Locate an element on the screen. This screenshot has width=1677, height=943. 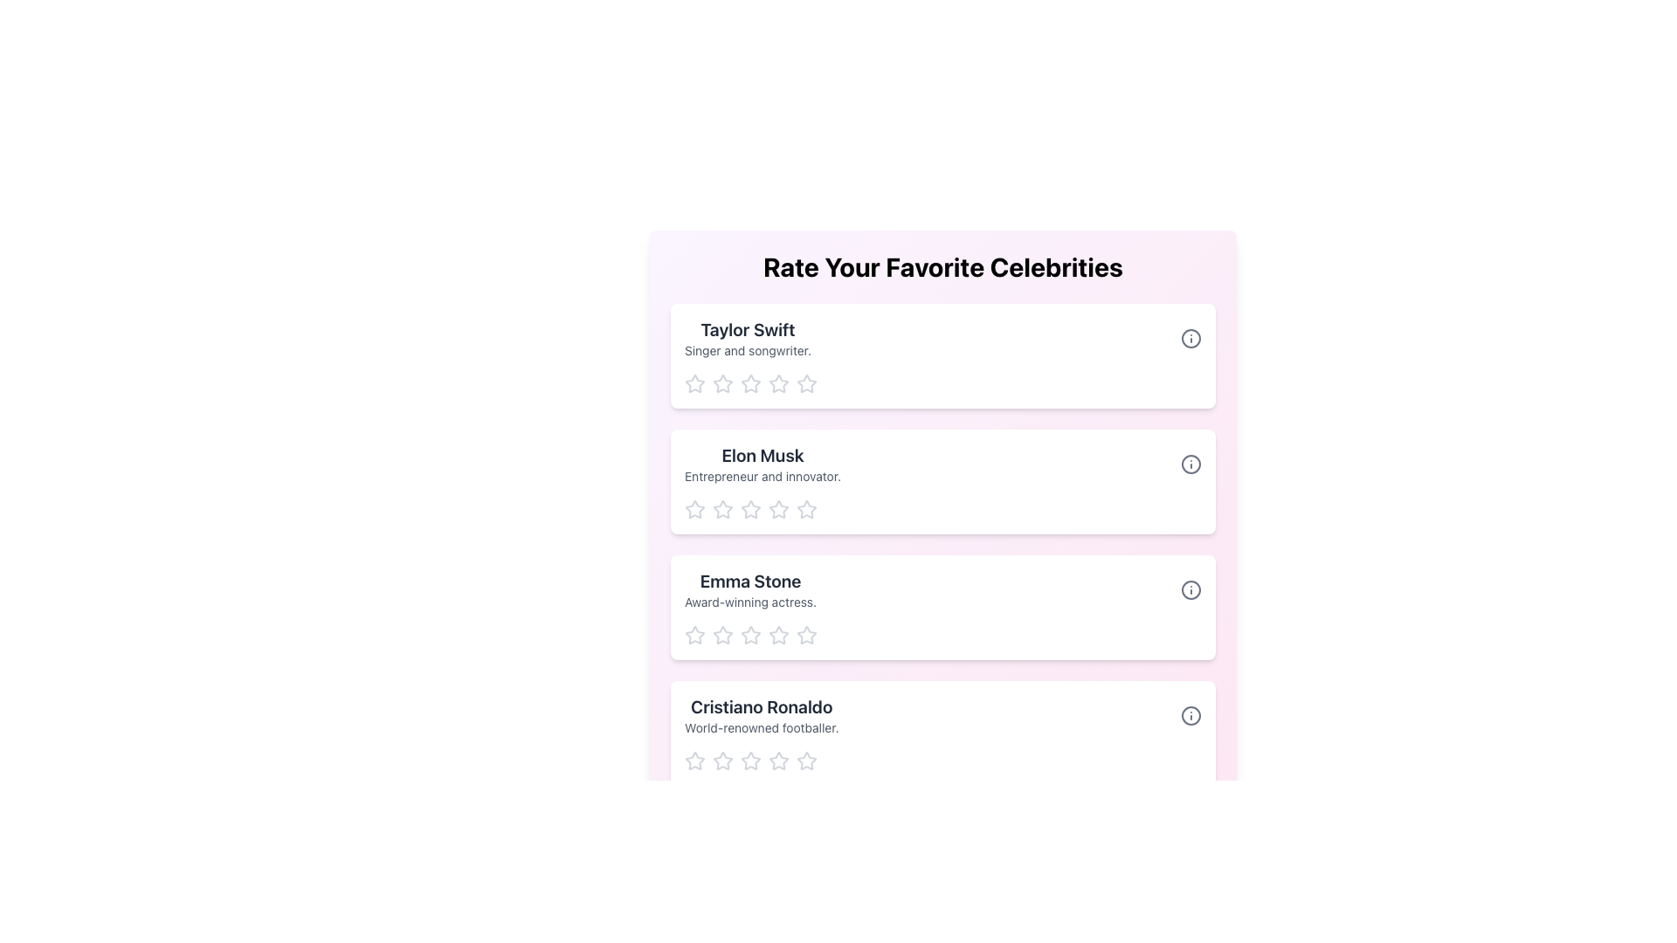
the third star in the Clickable Star Rating Icon component associated with the 'Emma Stone' profile is located at coordinates (750, 636).